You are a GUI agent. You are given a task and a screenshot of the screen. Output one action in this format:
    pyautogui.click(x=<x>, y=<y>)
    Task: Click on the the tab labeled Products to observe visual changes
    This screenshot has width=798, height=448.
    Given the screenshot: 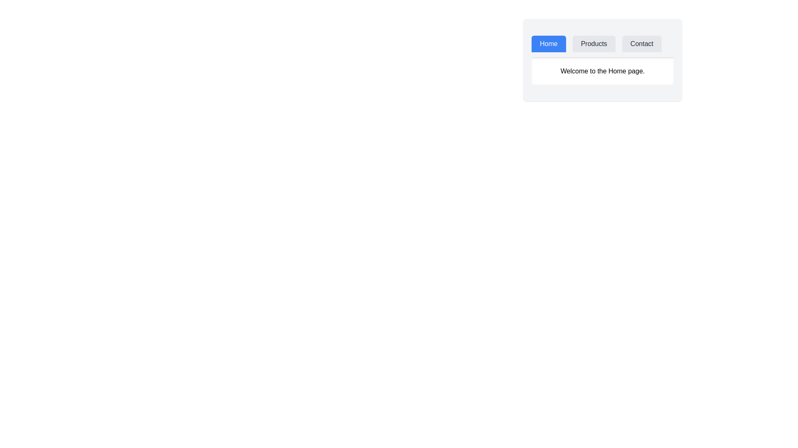 What is the action you would take?
    pyautogui.click(x=594, y=44)
    